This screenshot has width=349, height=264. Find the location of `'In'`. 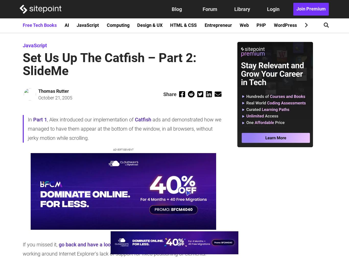

'In' is located at coordinates (30, 119).